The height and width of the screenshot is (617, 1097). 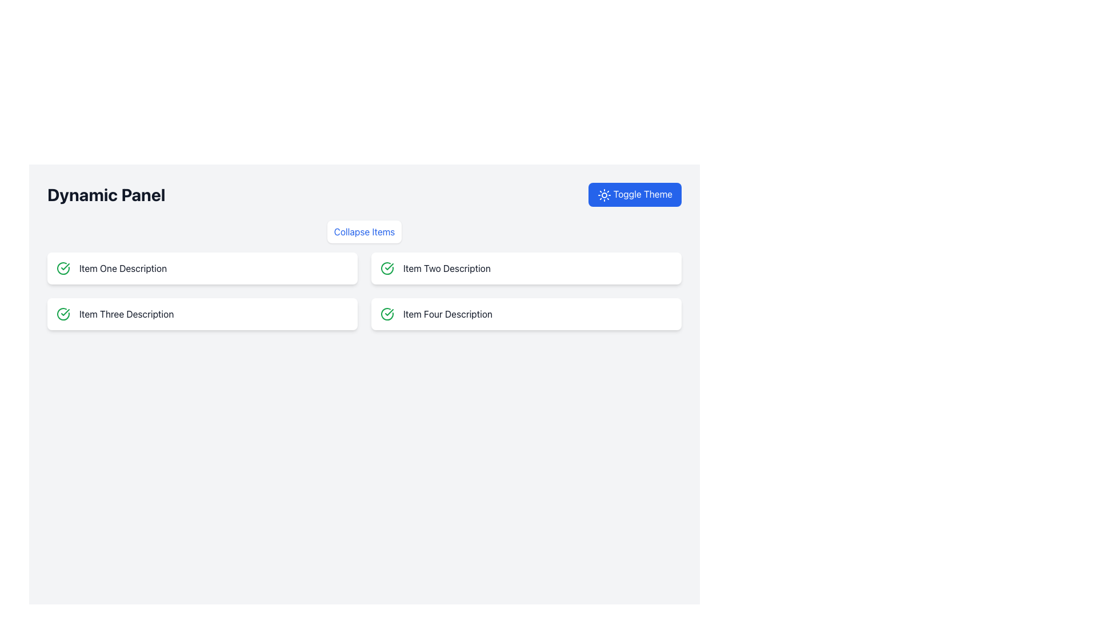 I want to click on the success status icon for 'Item Four Description', located in the bottom-right card of the grid layout, so click(x=387, y=313).